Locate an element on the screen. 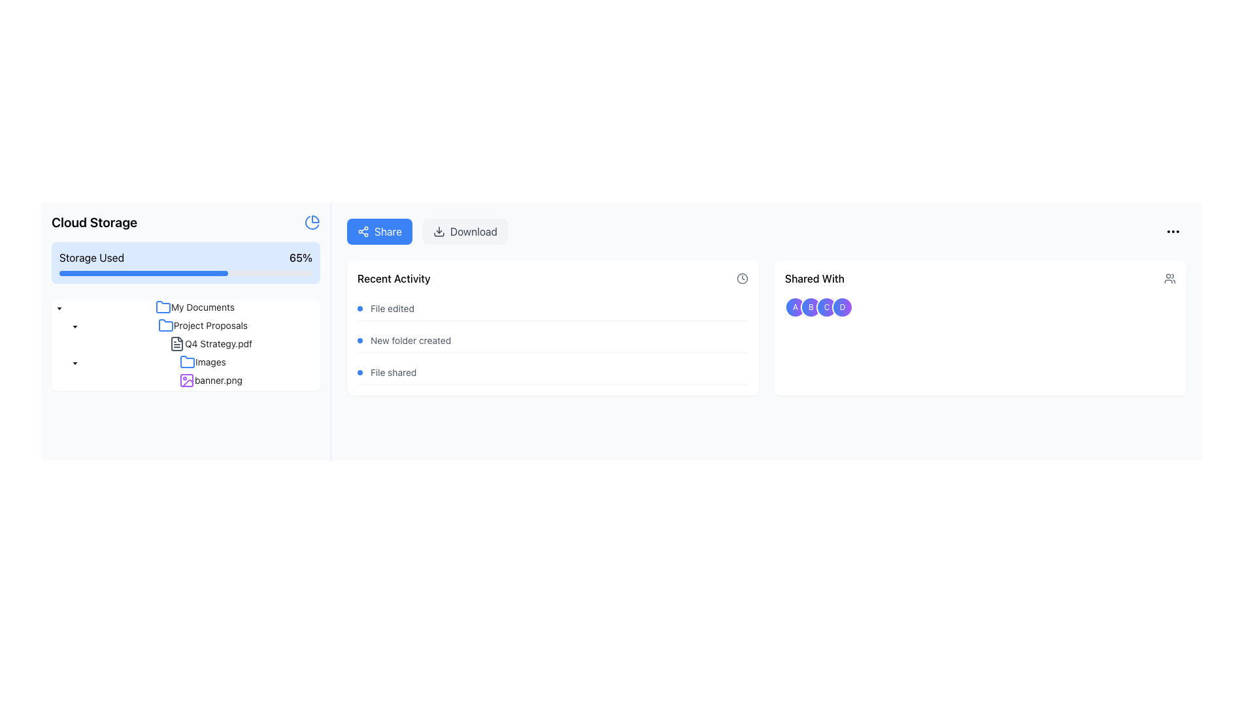 This screenshot has height=705, width=1255. the folder icon with a blue outline located to the left of the text 'Project Proposals' in the left sidebar section of the interface is located at coordinates (165, 324).